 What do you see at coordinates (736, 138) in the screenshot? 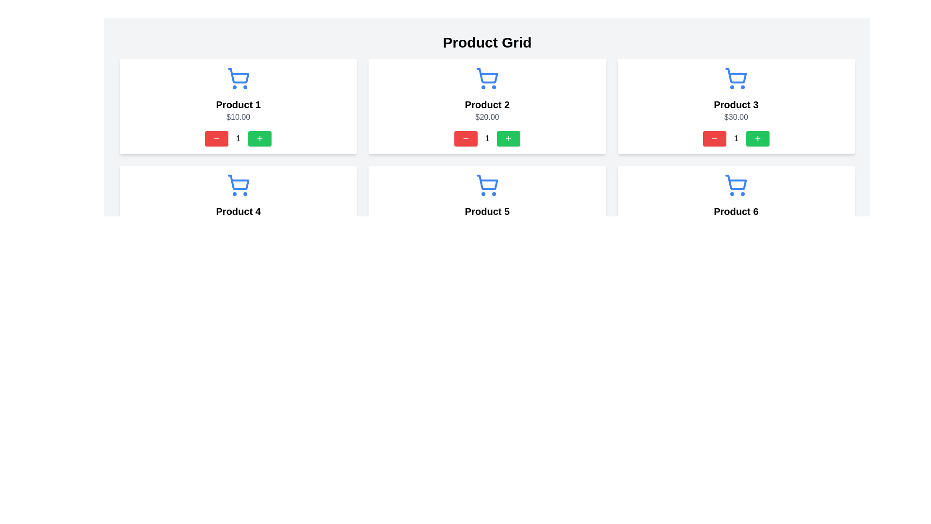
I see `the static text element displaying the number '1', which is positioned between a red minus button and a green plus button, indicating it is part of a counter component` at bounding box center [736, 138].